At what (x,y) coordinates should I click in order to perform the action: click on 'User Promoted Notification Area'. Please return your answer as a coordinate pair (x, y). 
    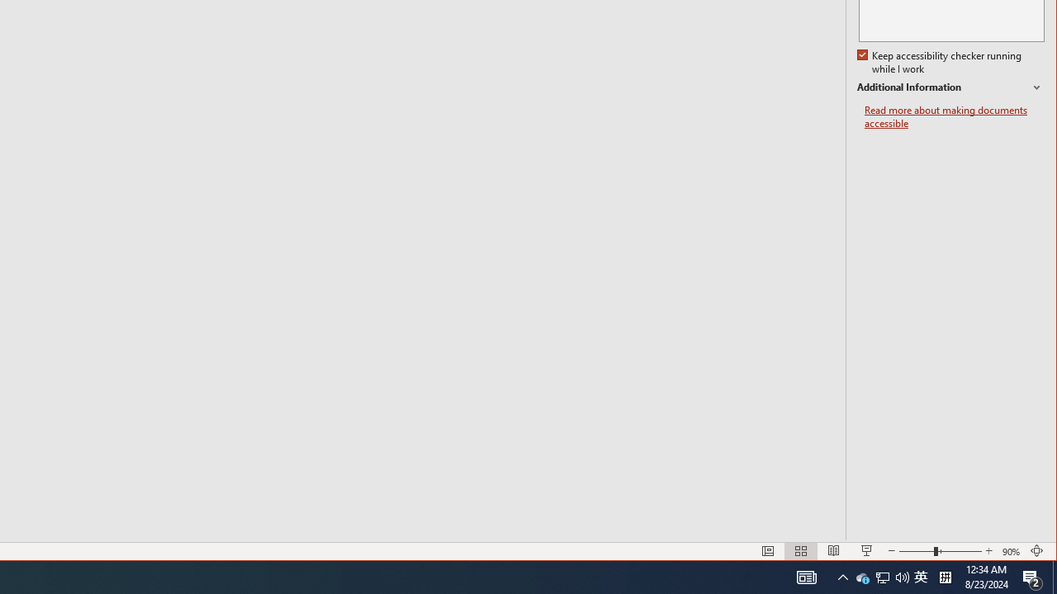
    Looking at the image, I should click on (881, 576).